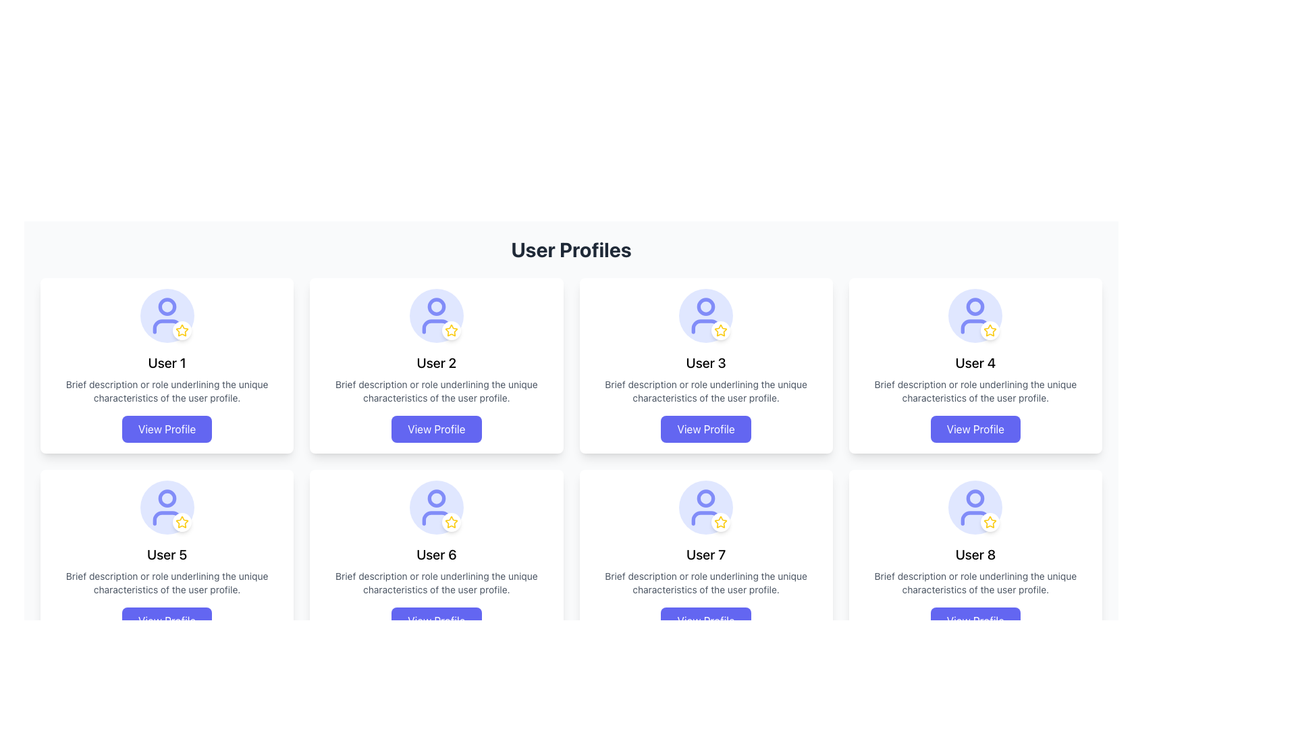  What do you see at coordinates (990, 522) in the screenshot?
I see `the star icon with yellow borders and a hollow interior located in the bottom-right corner of the eighth user card, which provides profile information for User 8` at bounding box center [990, 522].